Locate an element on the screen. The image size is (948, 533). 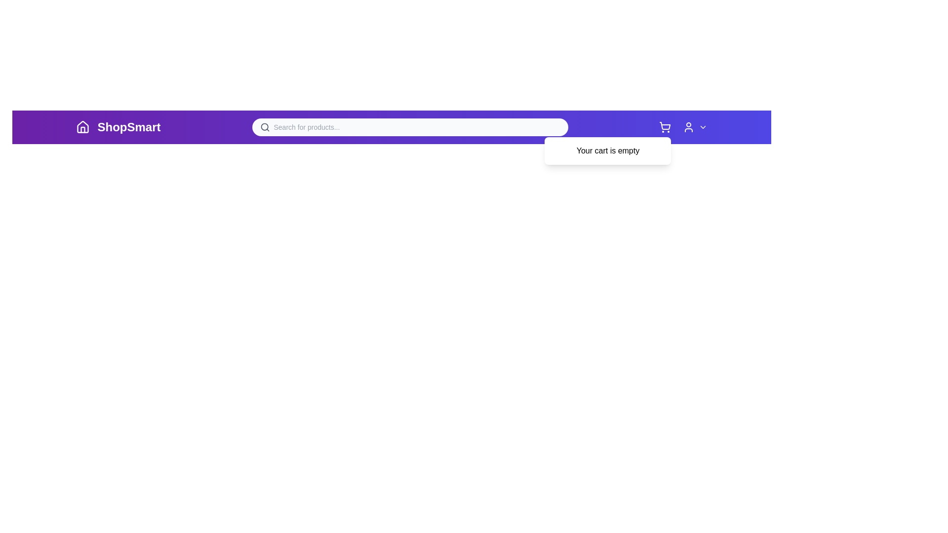
the shopping cart icon located is located at coordinates (665, 127).